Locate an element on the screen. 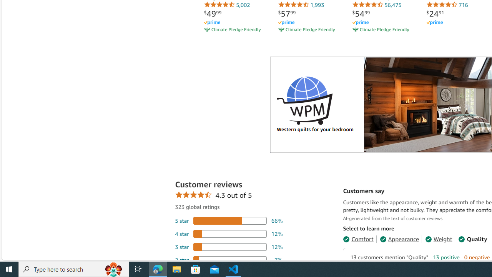 This screenshot has height=277, width=492. '12 percent of reviews have 3 stars' is located at coordinates (228, 247).